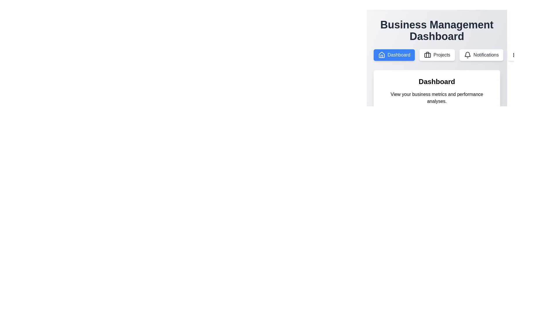 This screenshot has height=313, width=557. What do you see at coordinates (437, 55) in the screenshot?
I see `the 'Projects' Navigation button, which has a white background, rounded corners, and contains a briefcase icon and the text 'Projects'` at bounding box center [437, 55].